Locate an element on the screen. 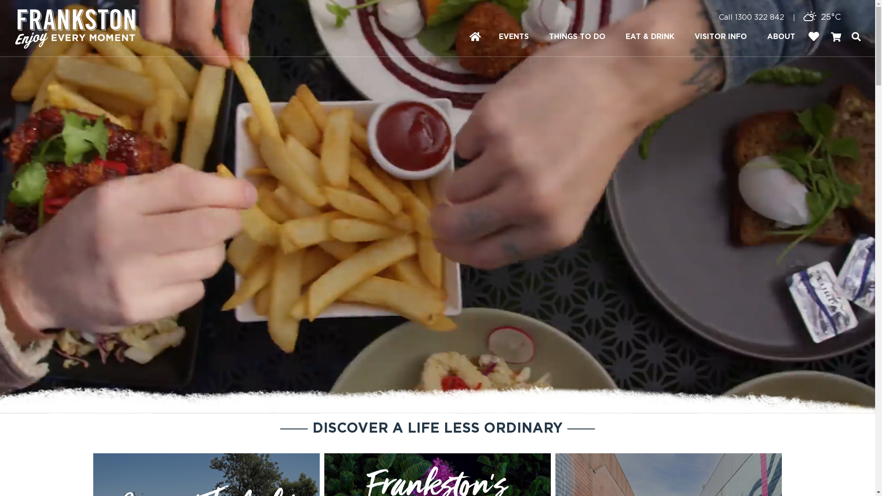 The image size is (882, 496). 'THINGS TO DO' is located at coordinates (548, 36).